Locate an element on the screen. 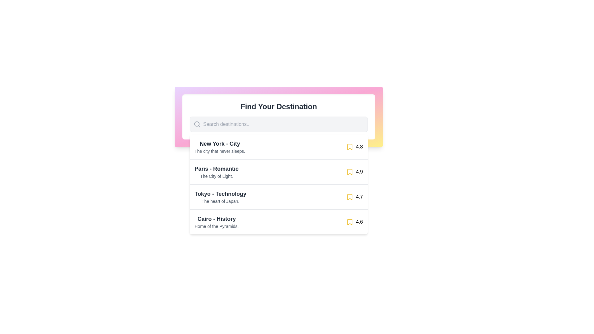 This screenshot has width=594, height=334. the rating display icon for the 'New York - City' entry, located at the far-right side of the list component is located at coordinates (354, 147).